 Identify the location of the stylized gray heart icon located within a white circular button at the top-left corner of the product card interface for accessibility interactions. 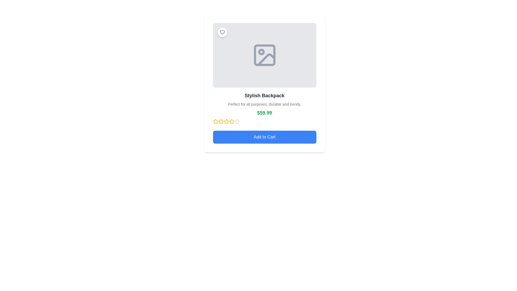
(222, 32).